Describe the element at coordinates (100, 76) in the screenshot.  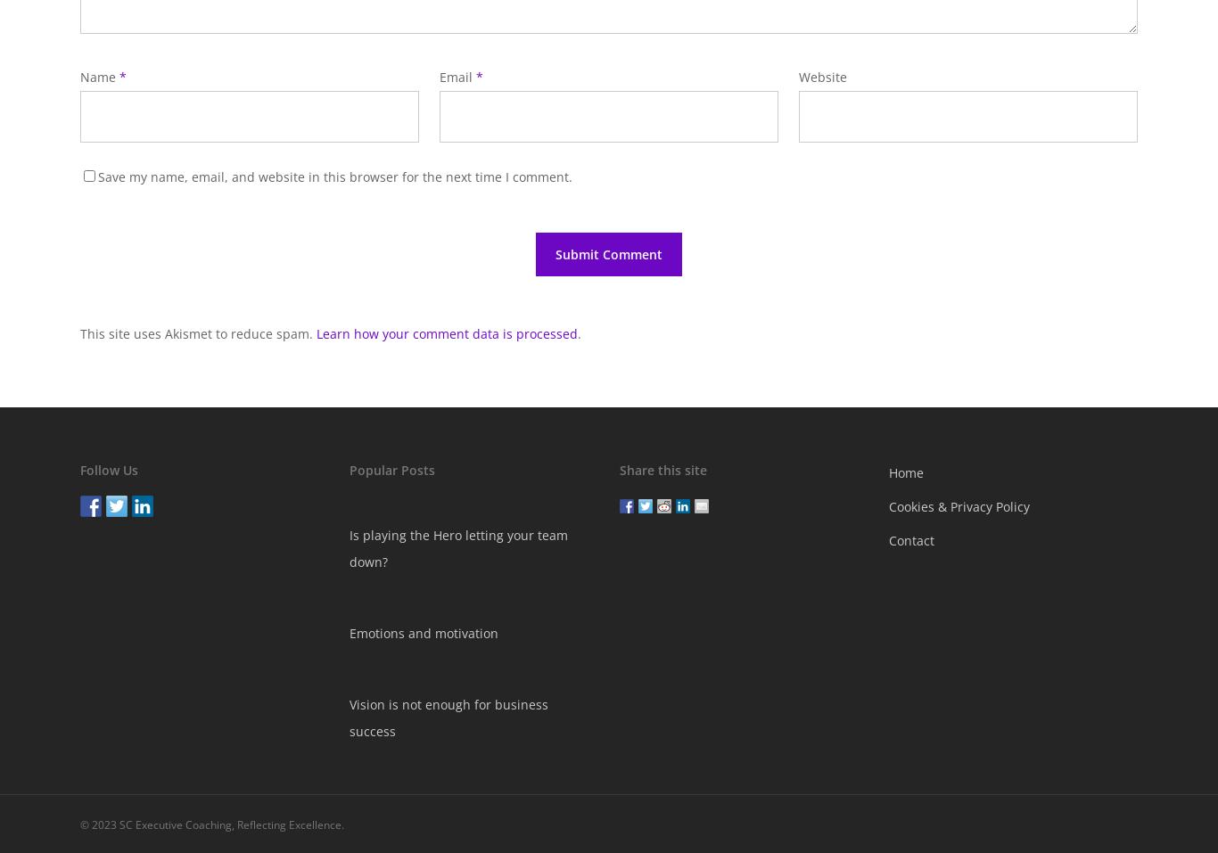
I see `'Name'` at that location.